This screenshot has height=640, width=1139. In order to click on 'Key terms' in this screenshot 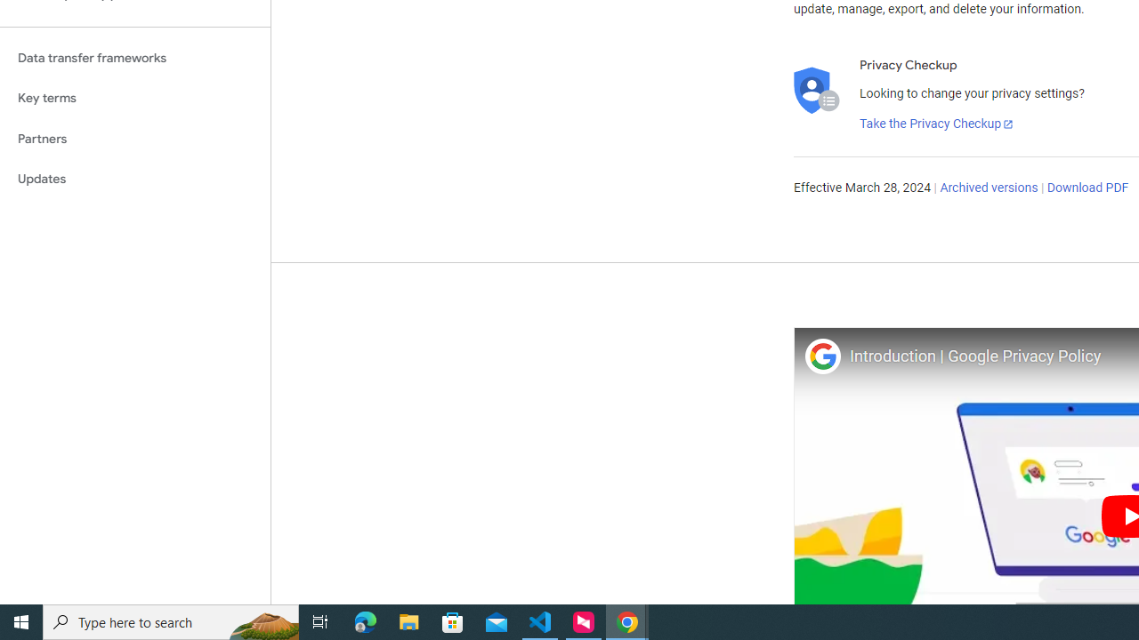, I will do `click(134, 98)`.